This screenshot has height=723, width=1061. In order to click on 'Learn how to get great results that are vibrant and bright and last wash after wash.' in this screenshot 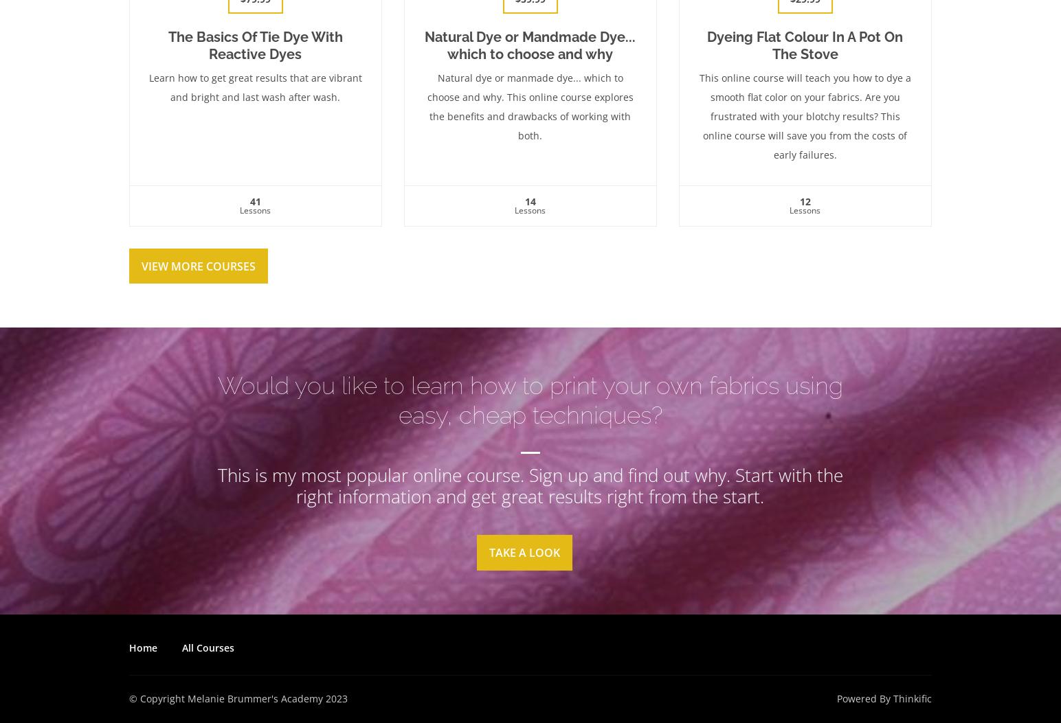, I will do `click(255, 87)`.